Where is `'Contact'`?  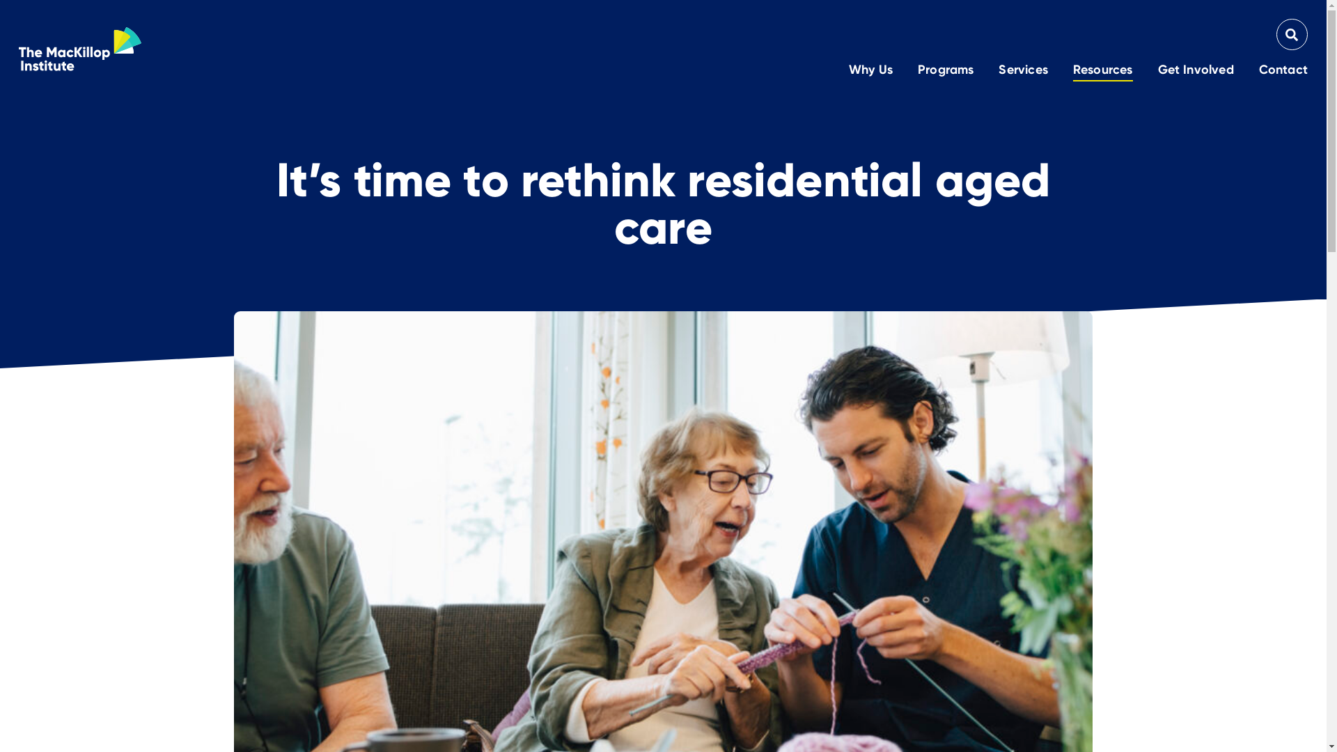
'Contact' is located at coordinates (1283, 70).